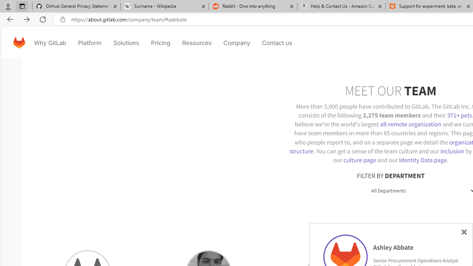 Image resolution: width=473 pixels, height=266 pixels. I want to click on 'GitLab home page', so click(19, 42).